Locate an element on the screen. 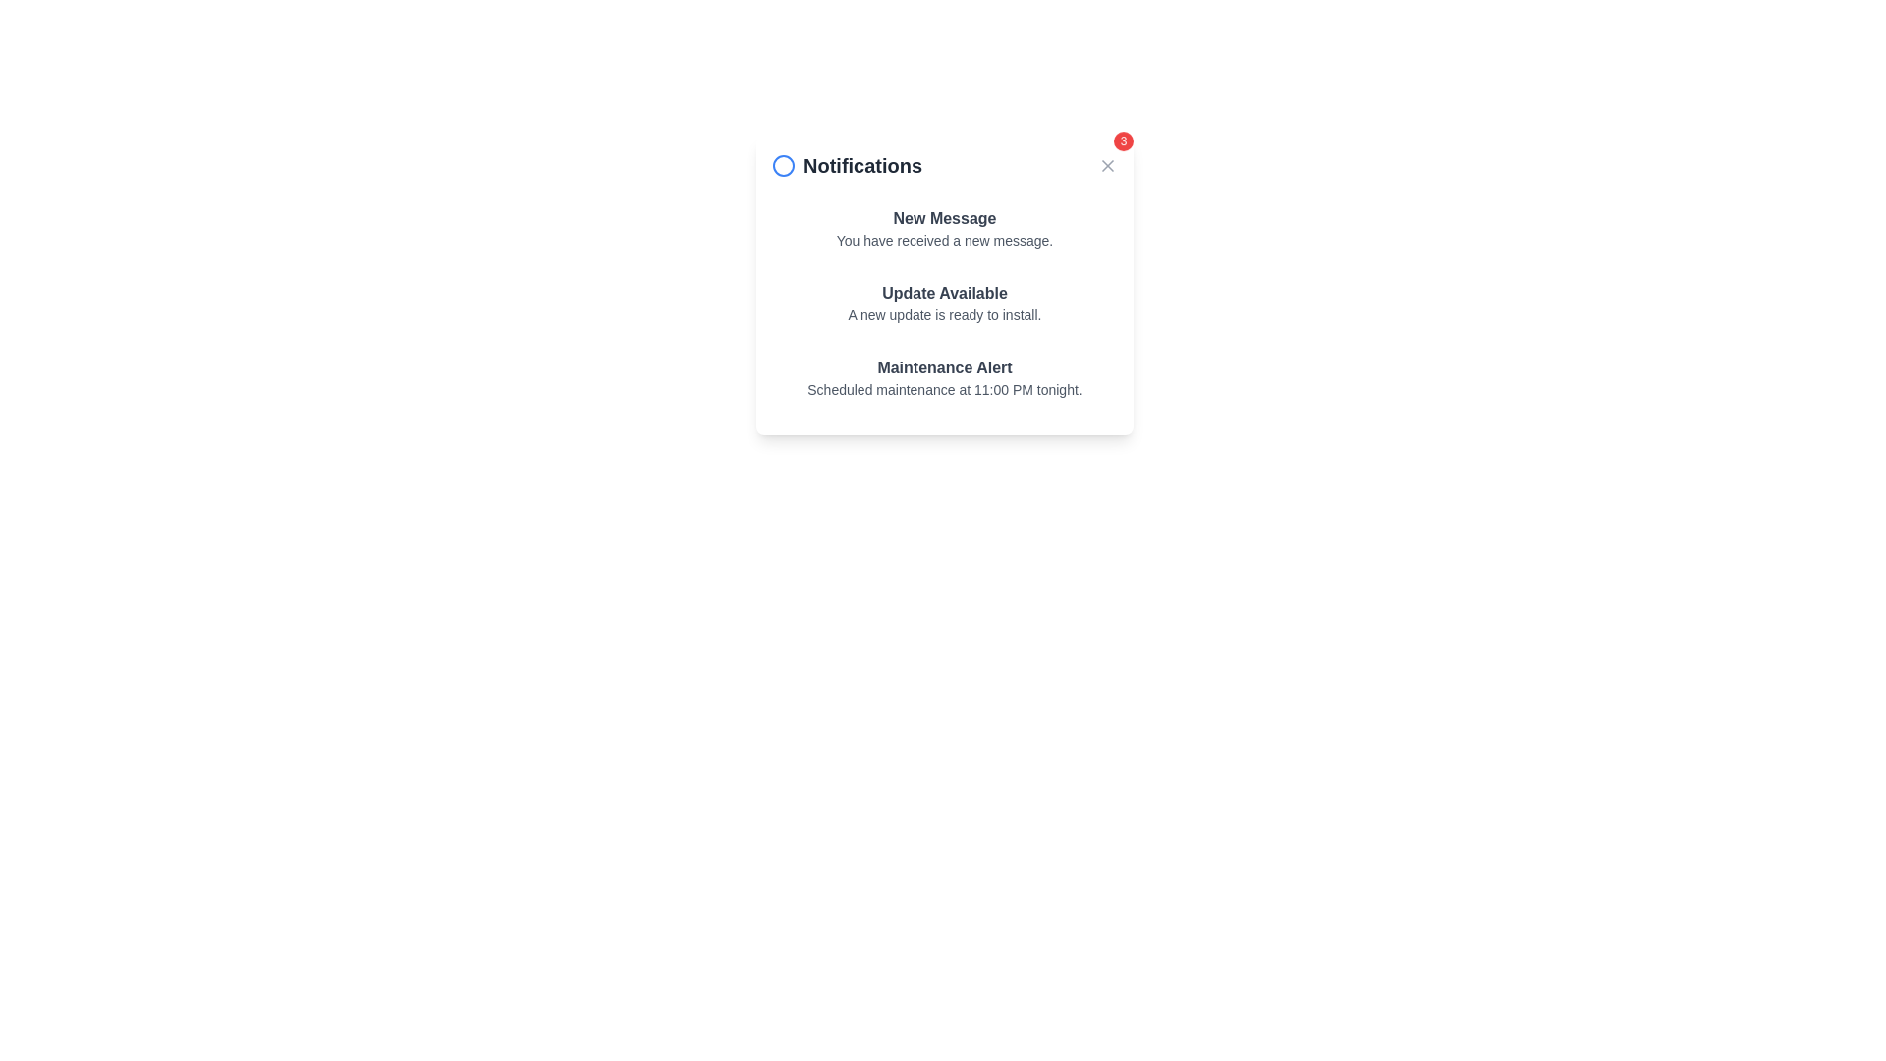  text element that displays 'You have received a new message.' located below the 'New Message' heading in the Notifications panel is located at coordinates (944, 240).